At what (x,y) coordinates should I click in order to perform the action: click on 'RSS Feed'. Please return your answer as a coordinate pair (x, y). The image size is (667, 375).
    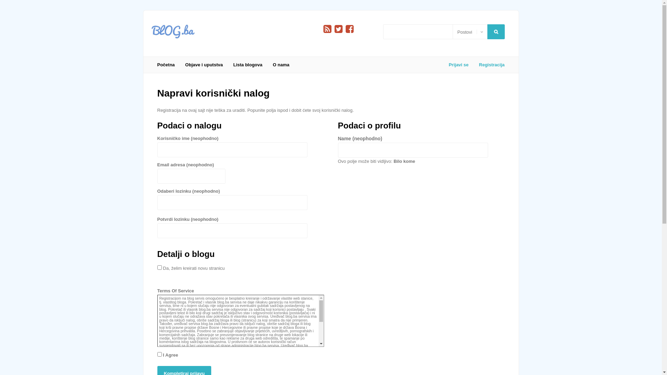
    Looking at the image, I should click on (323, 28).